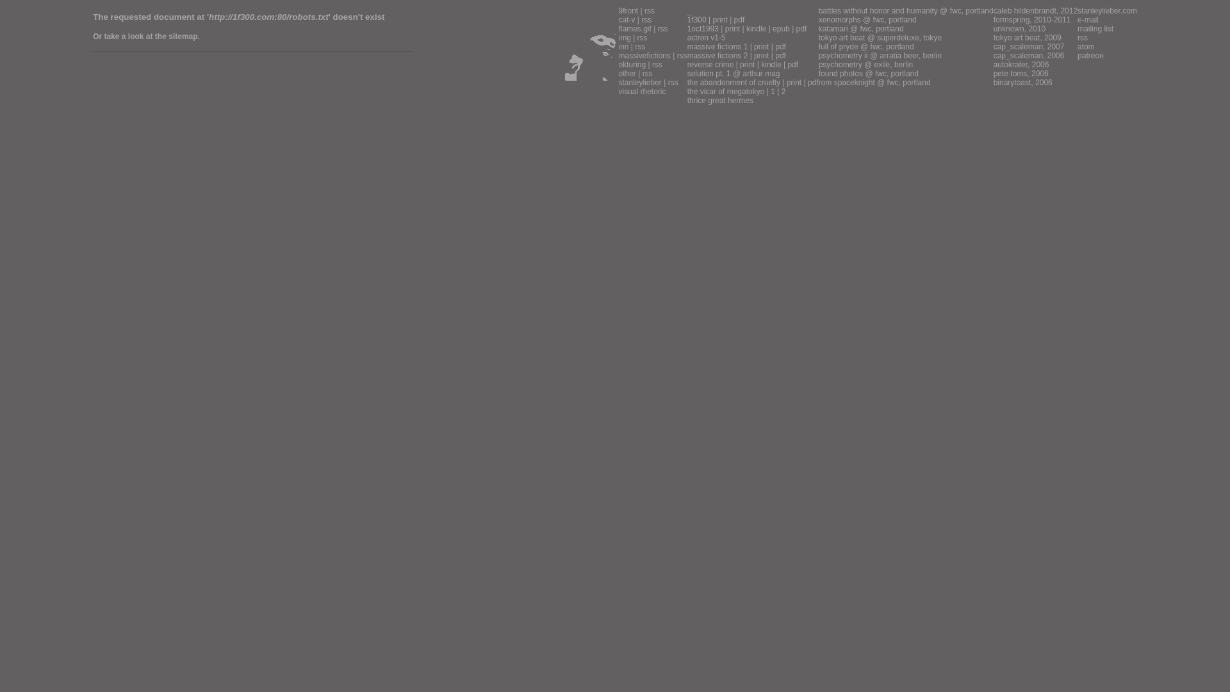 The image size is (1230, 692). What do you see at coordinates (1035, 10) in the screenshot?
I see `'caleb hildenbrandt, 2012'` at bounding box center [1035, 10].